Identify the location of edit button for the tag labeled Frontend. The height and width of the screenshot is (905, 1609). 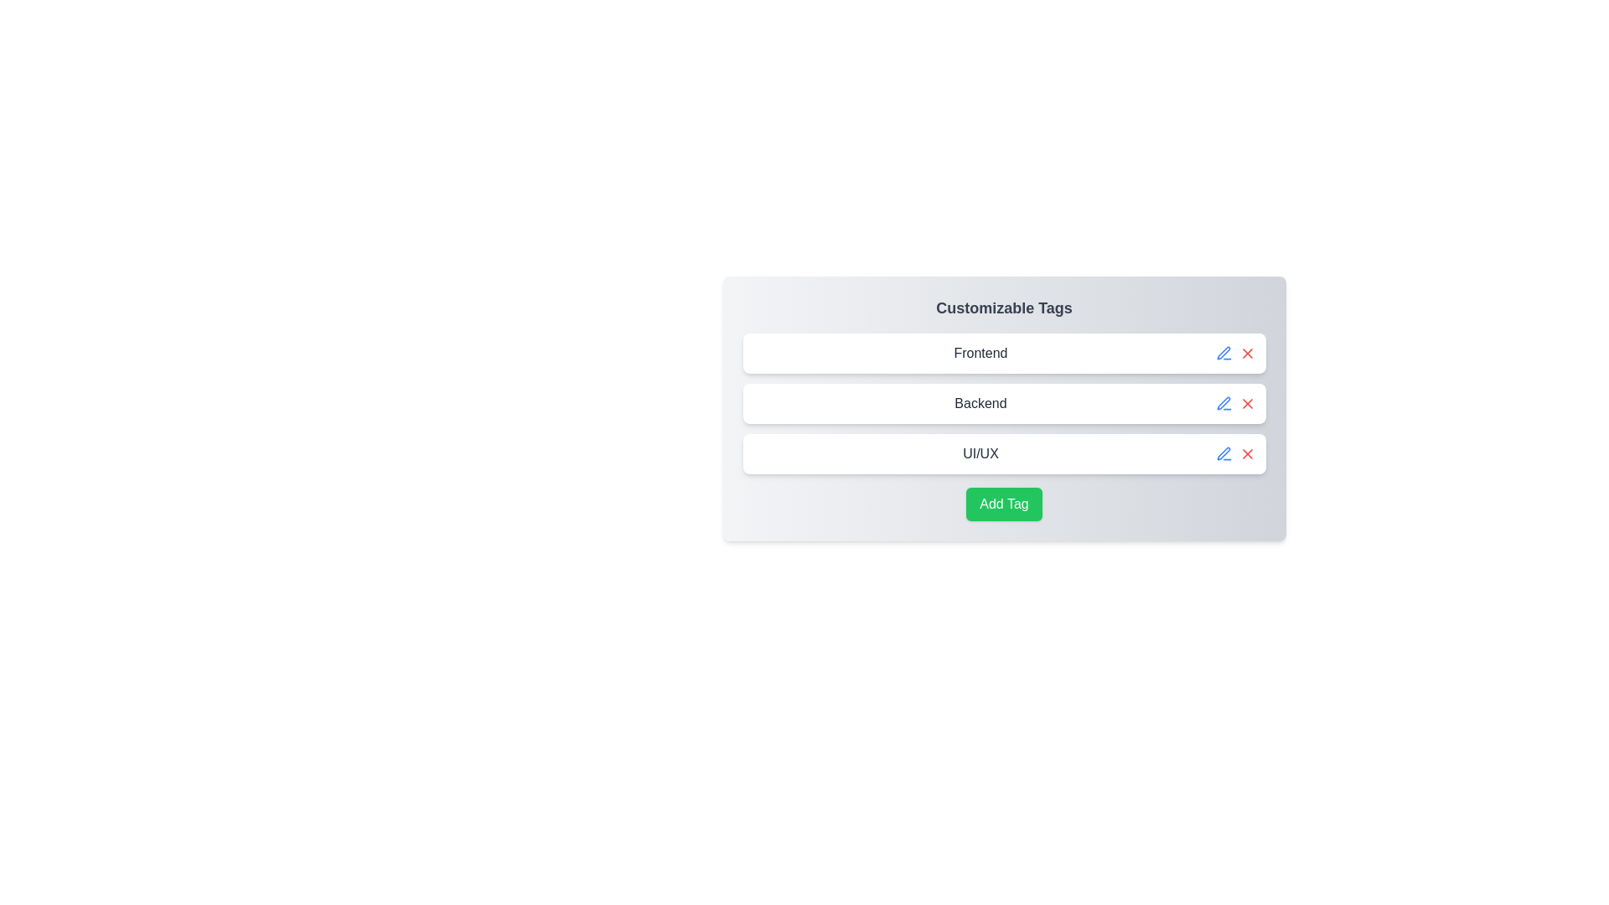
(1224, 352).